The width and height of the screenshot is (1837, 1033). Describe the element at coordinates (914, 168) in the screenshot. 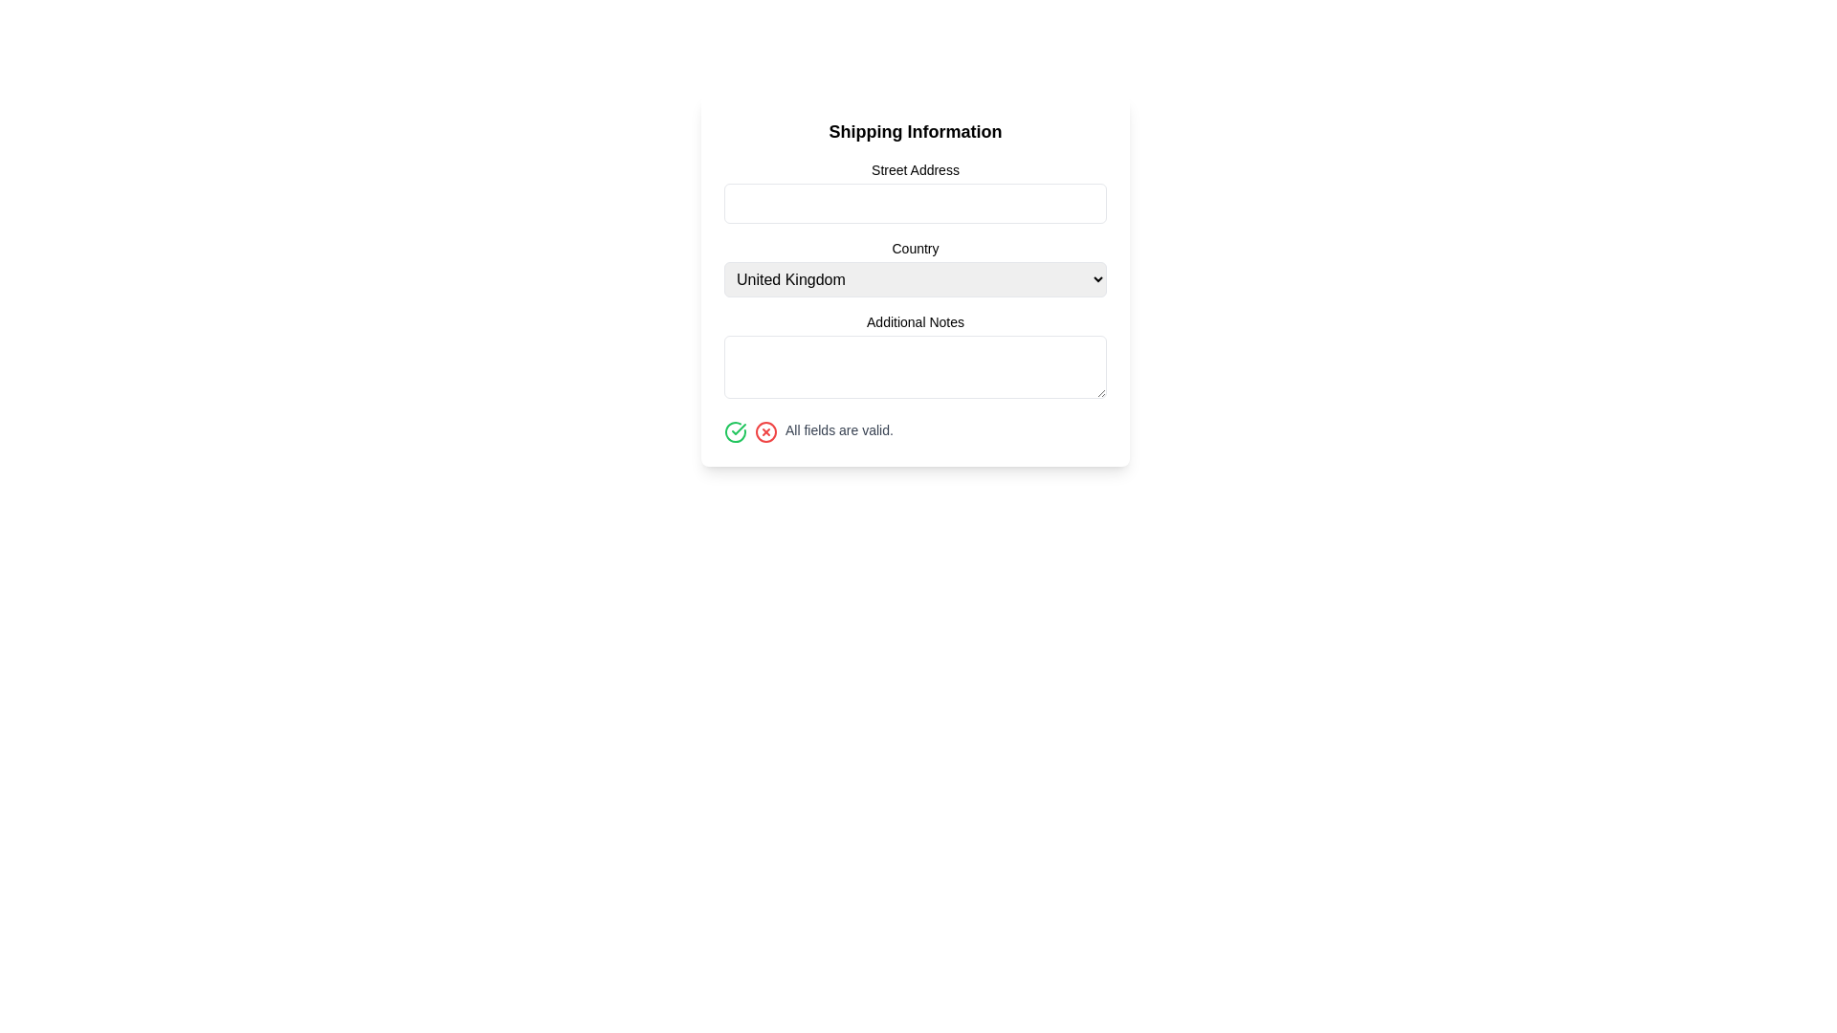

I see `the label indicating the required input for a street address to associate it with the input field below` at that location.